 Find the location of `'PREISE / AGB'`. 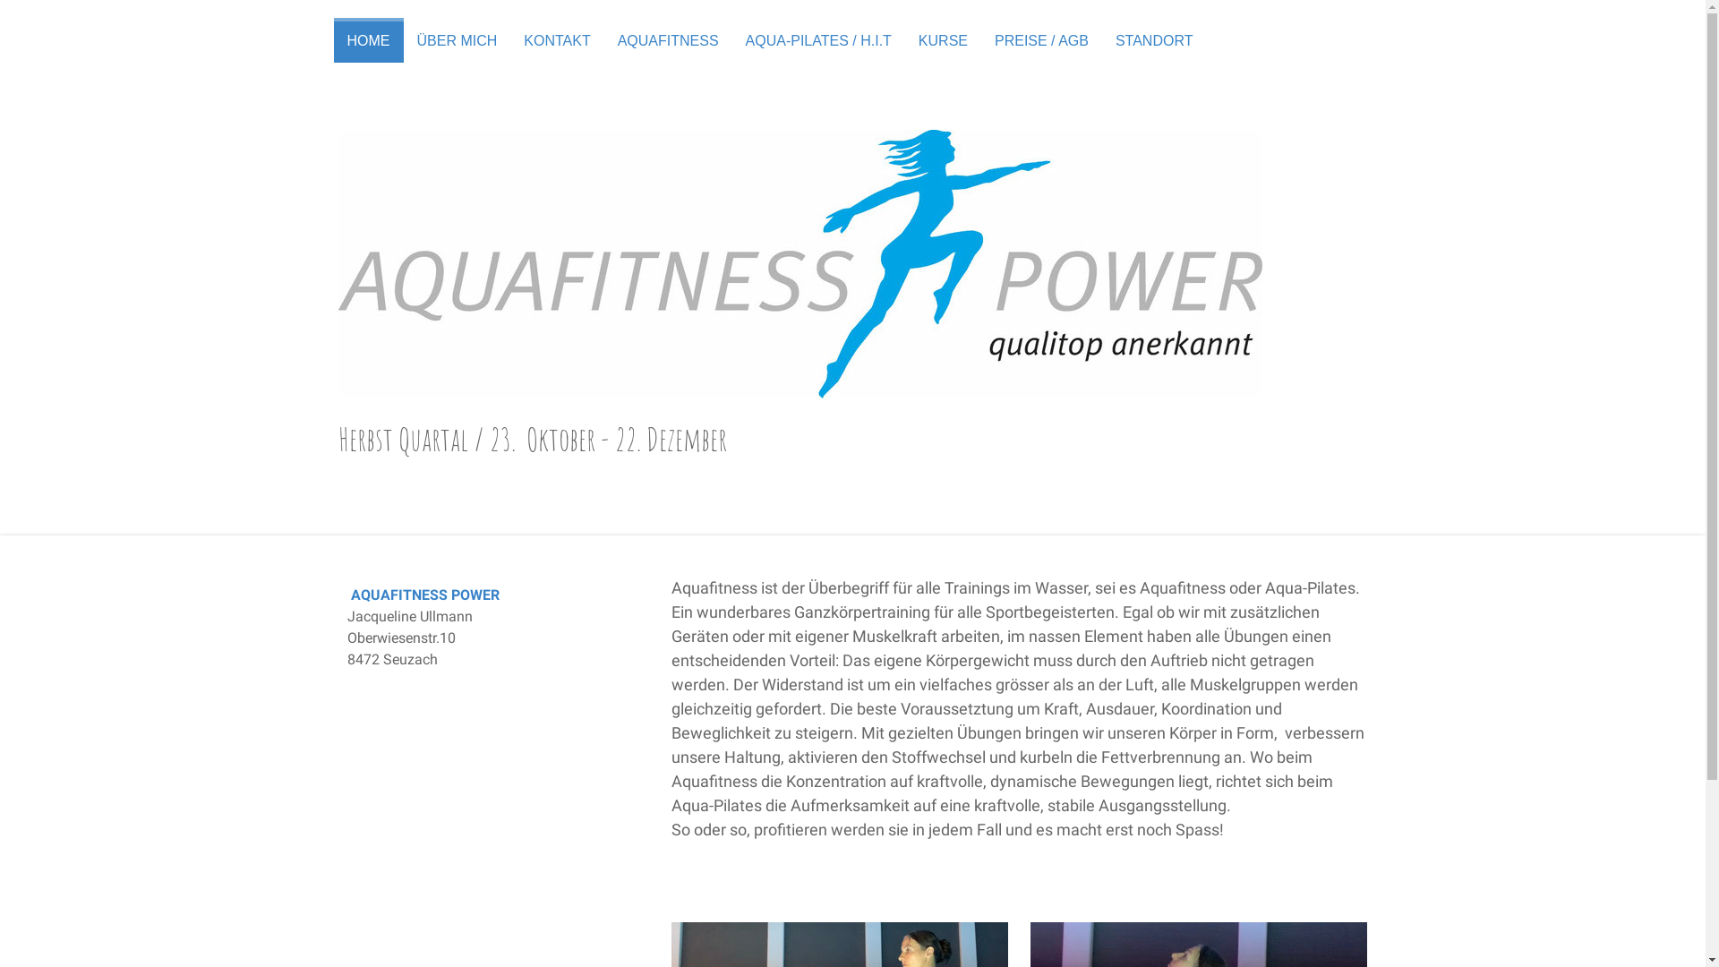

'PREISE / AGB' is located at coordinates (979, 40).